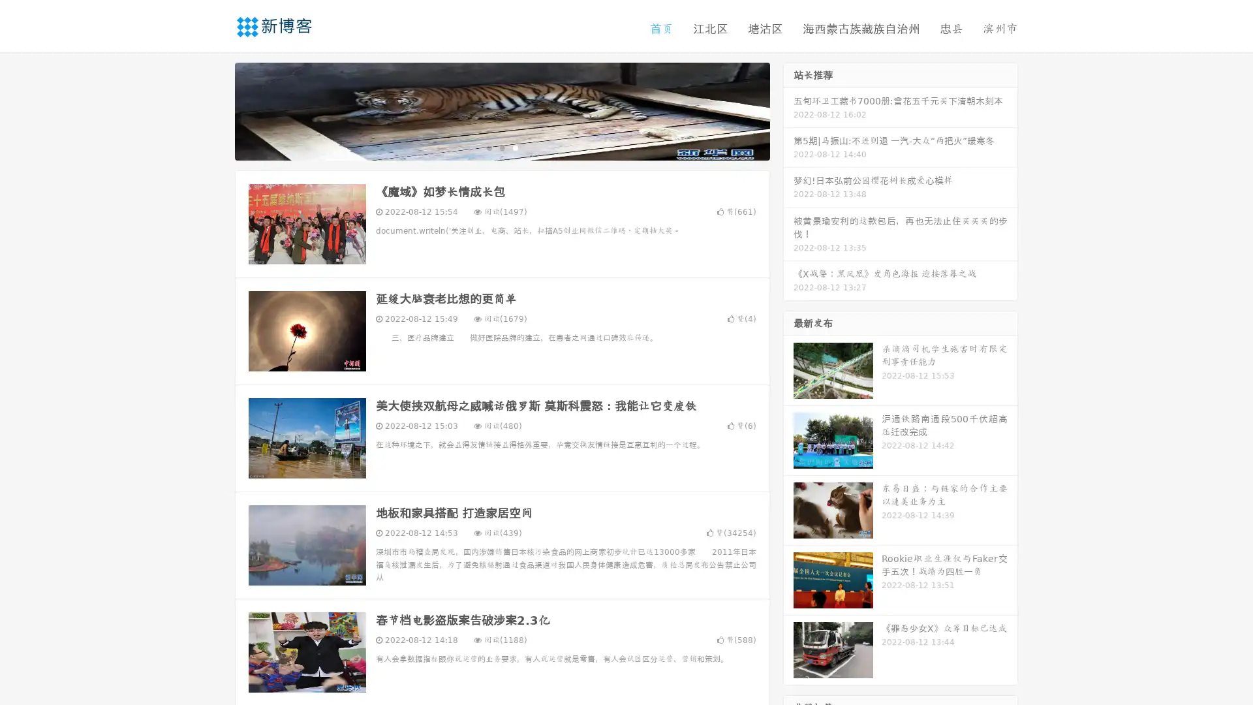 Image resolution: width=1253 pixels, height=705 pixels. Describe the element at coordinates (515, 147) in the screenshot. I see `Go to slide 3` at that location.